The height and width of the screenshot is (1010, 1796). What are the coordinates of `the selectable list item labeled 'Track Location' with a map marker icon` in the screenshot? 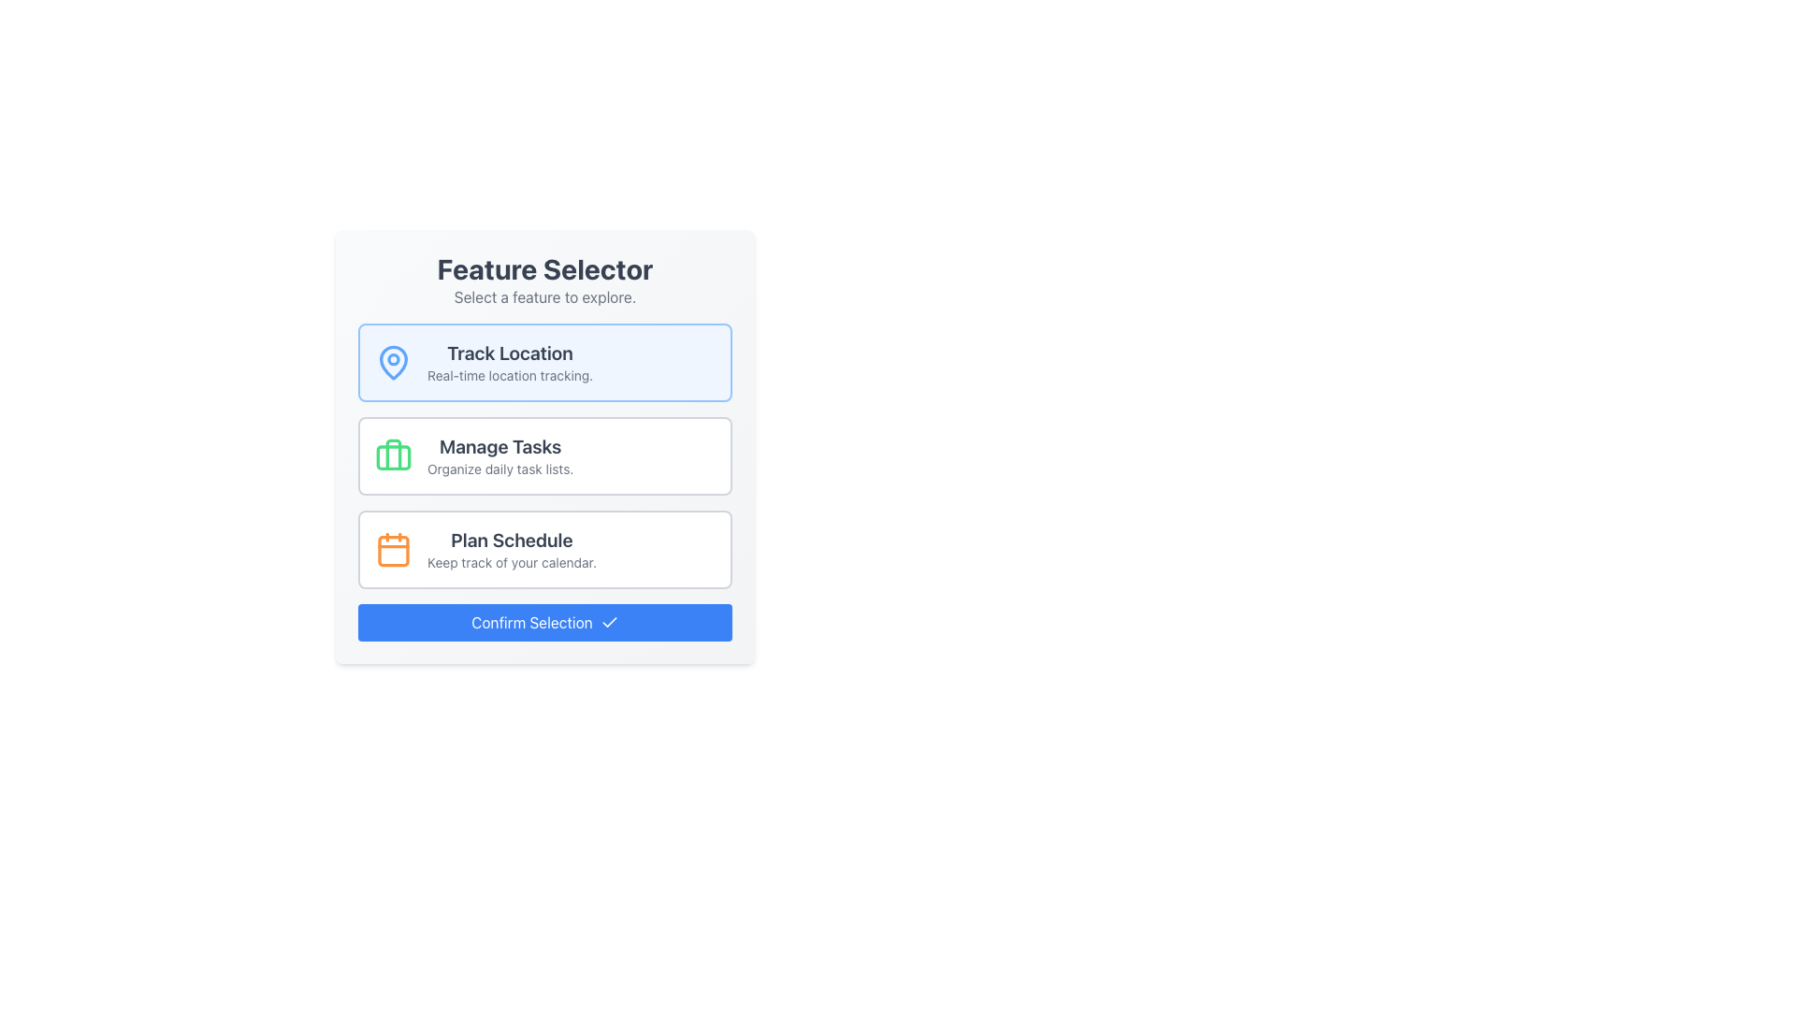 It's located at (543, 363).